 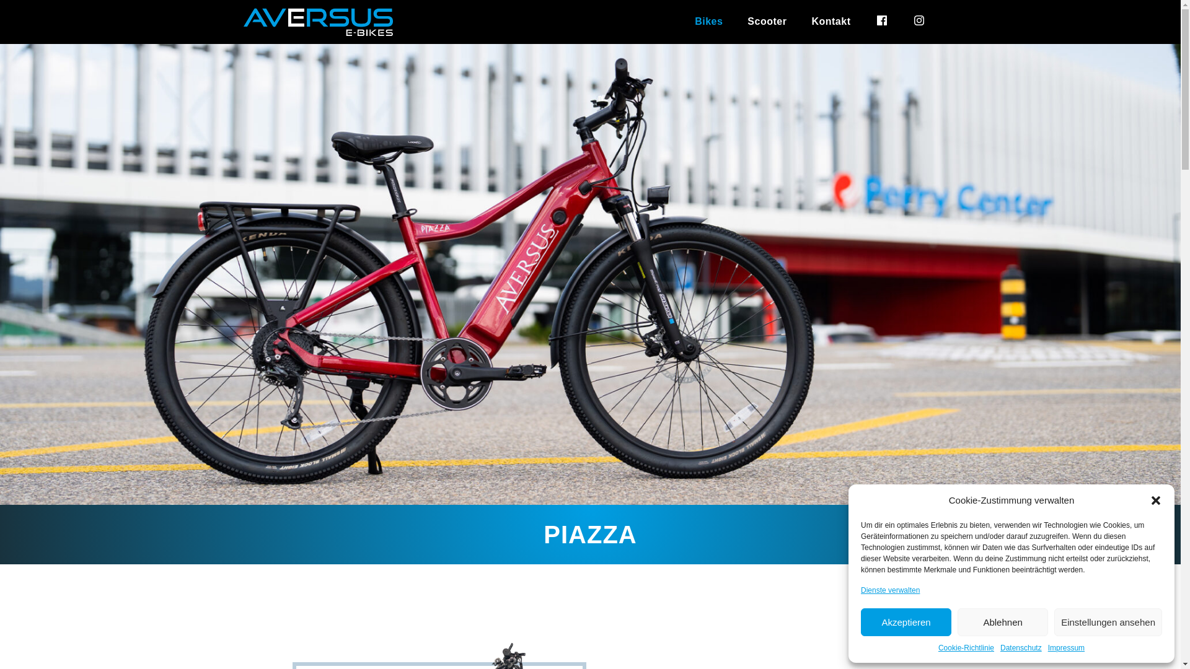 What do you see at coordinates (1021, 647) in the screenshot?
I see `'Datenschutz'` at bounding box center [1021, 647].